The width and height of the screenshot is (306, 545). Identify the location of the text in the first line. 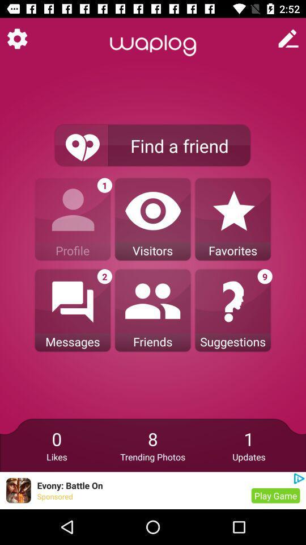
(153, 45).